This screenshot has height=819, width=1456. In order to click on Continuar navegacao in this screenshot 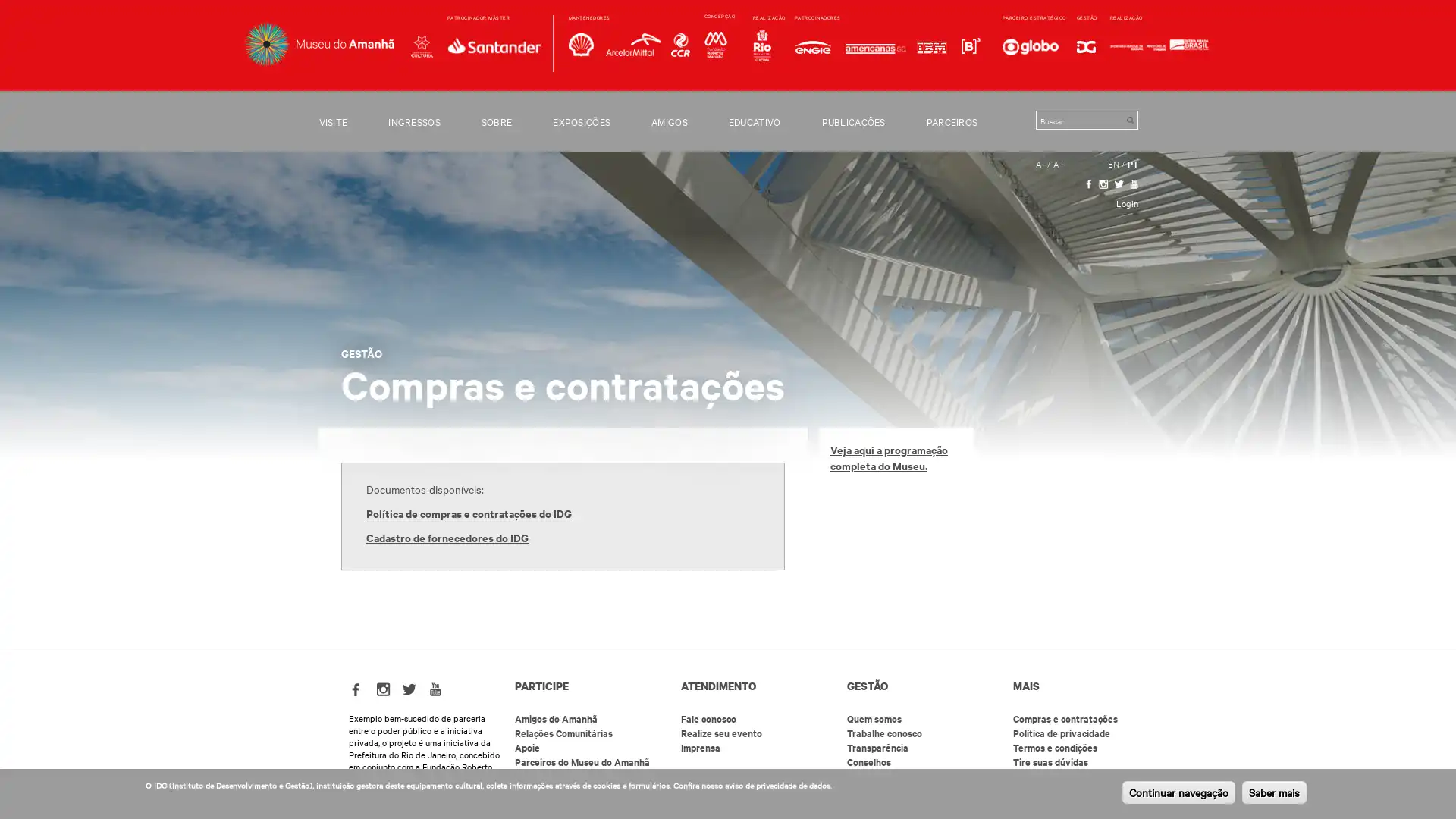, I will do `click(1178, 792)`.